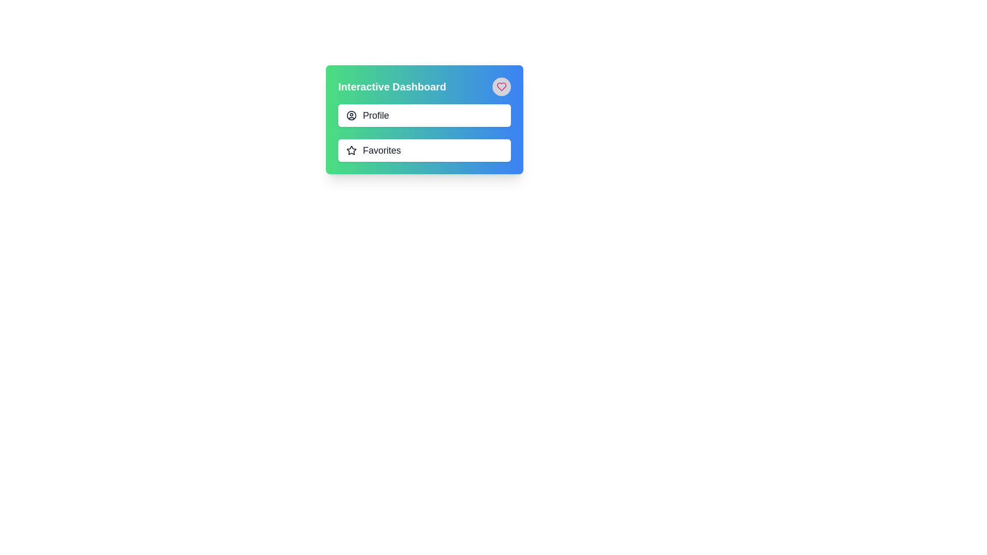 The height and width of the screenshot is (555, 987). I want to click on the star-shaped icon located to the right of the title 'Interactive Dashboard', so click(352, 150).